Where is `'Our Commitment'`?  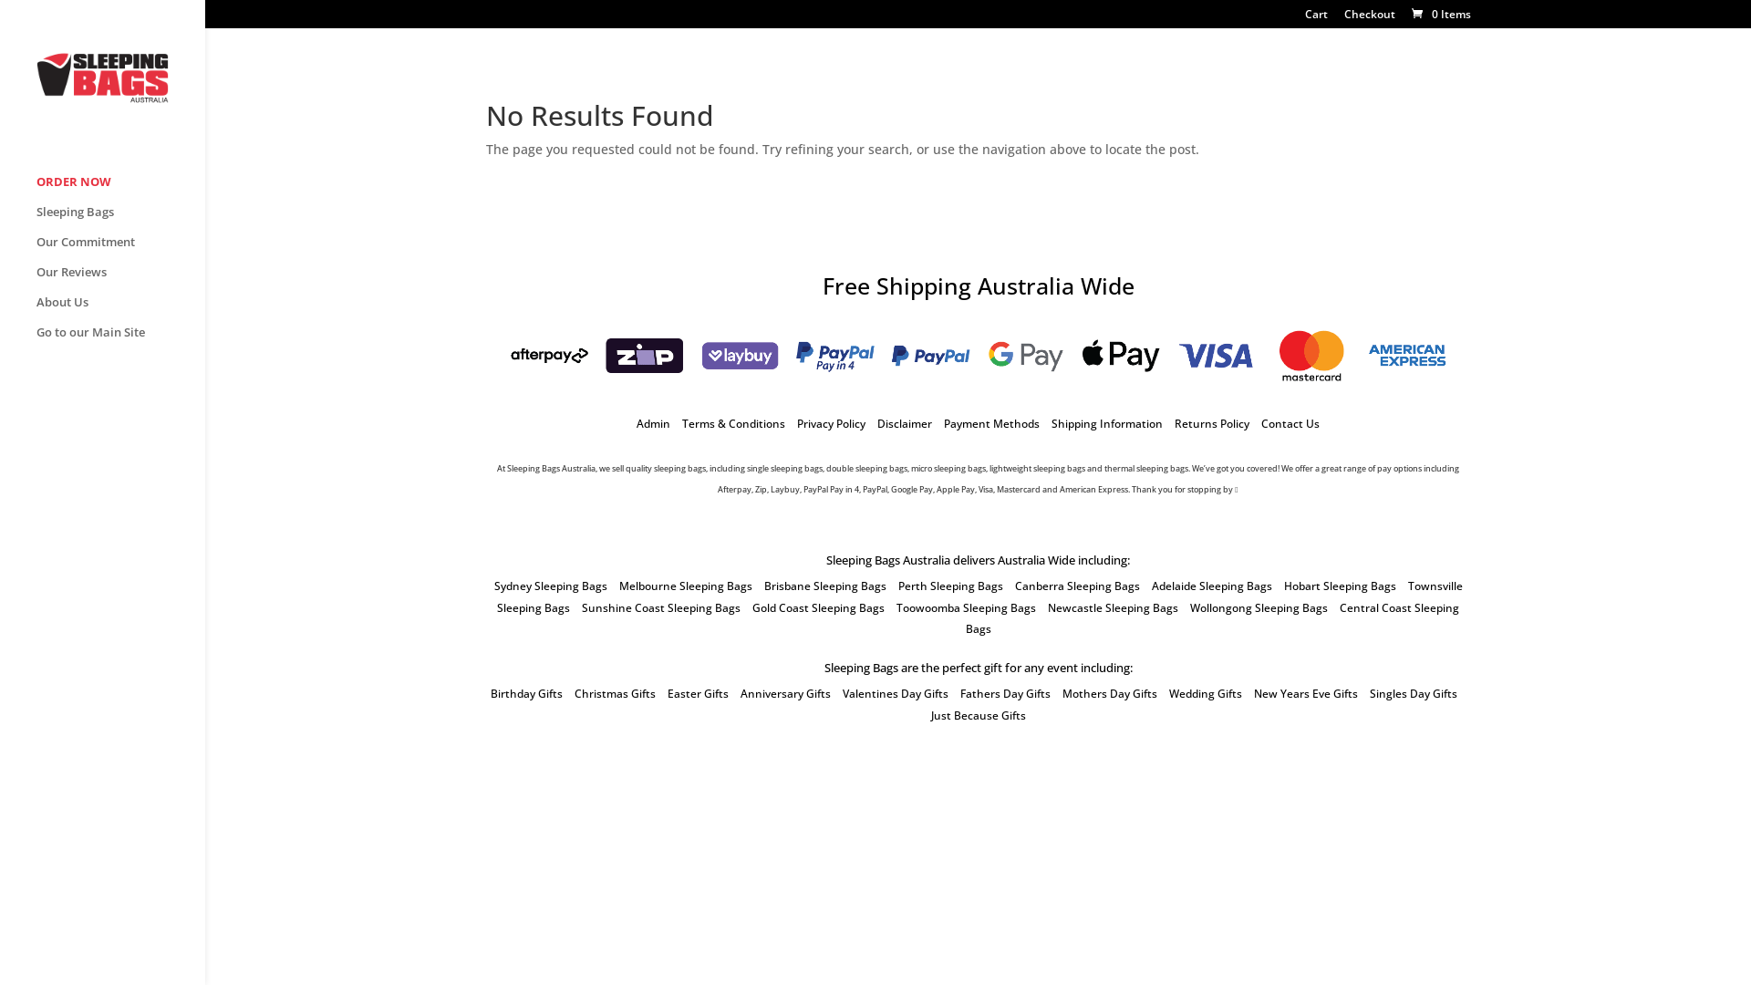 'Our Commitment' is located at coordinates (119, 250).